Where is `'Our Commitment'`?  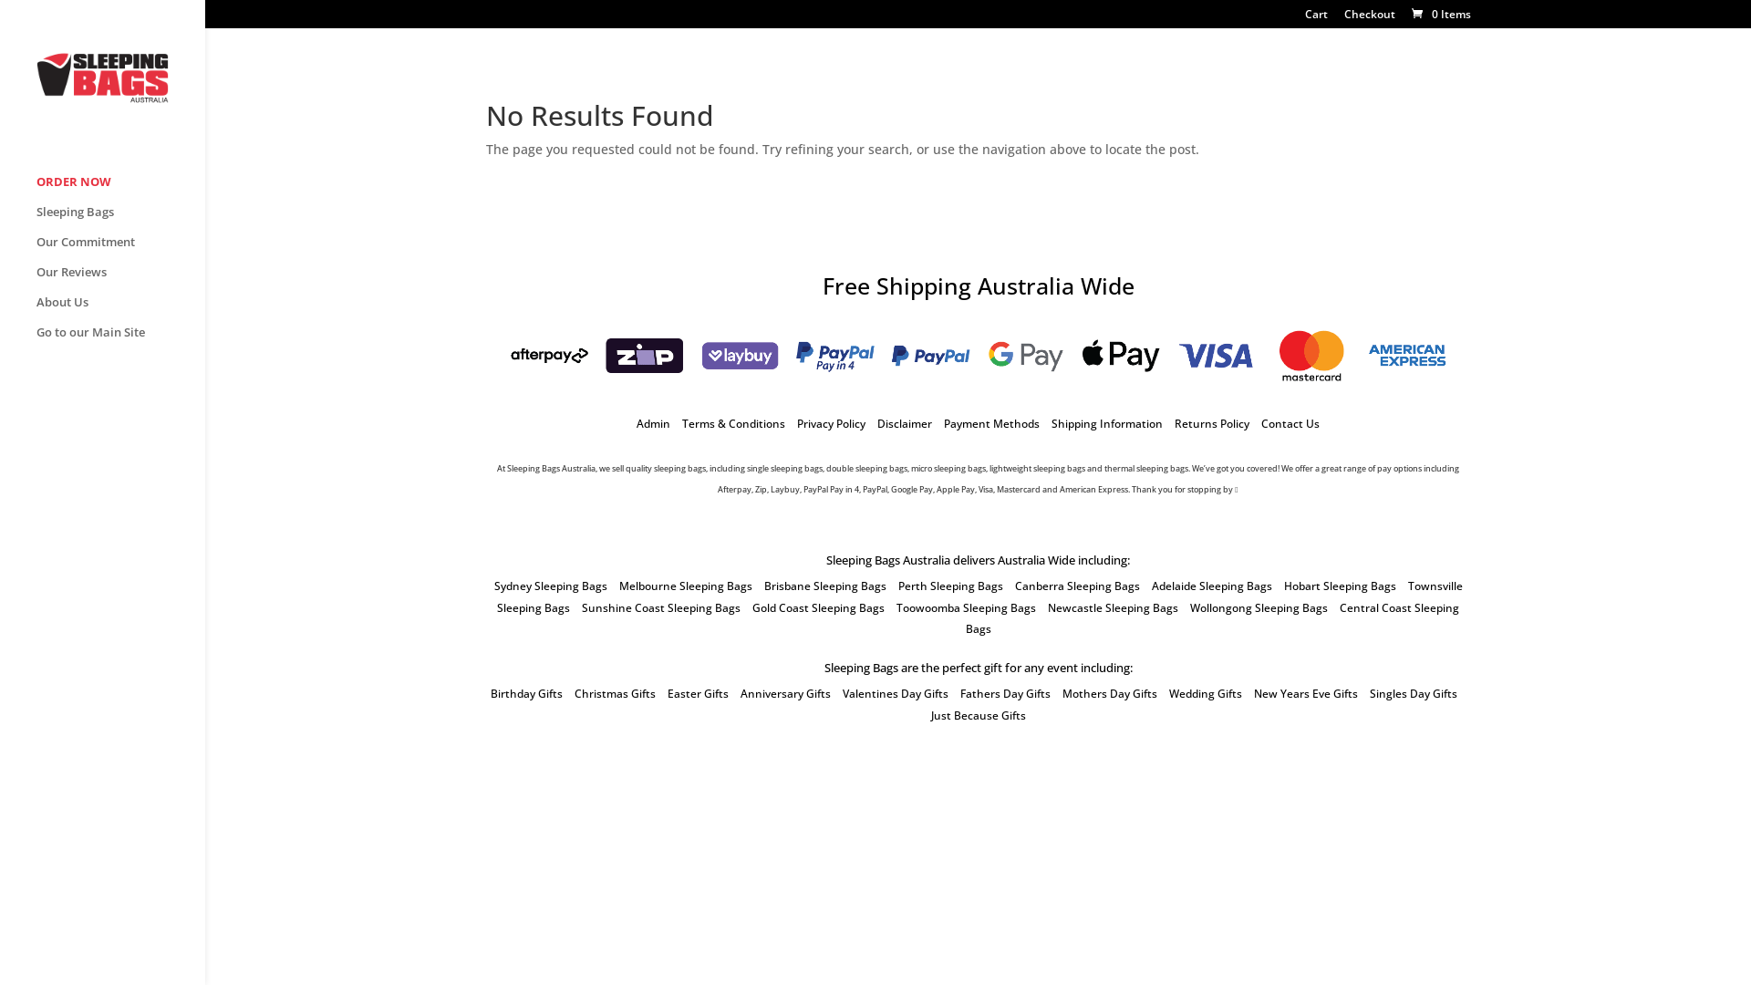 'Our Commitment' is located at coordinates (119, 250).